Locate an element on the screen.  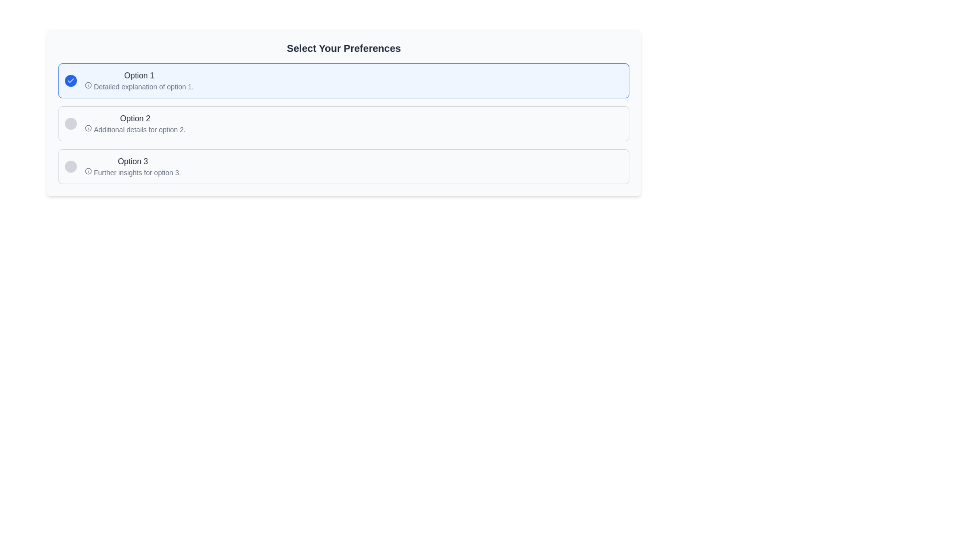
the radio button labeled 'Option 3' is located at coordinates (344, 166).